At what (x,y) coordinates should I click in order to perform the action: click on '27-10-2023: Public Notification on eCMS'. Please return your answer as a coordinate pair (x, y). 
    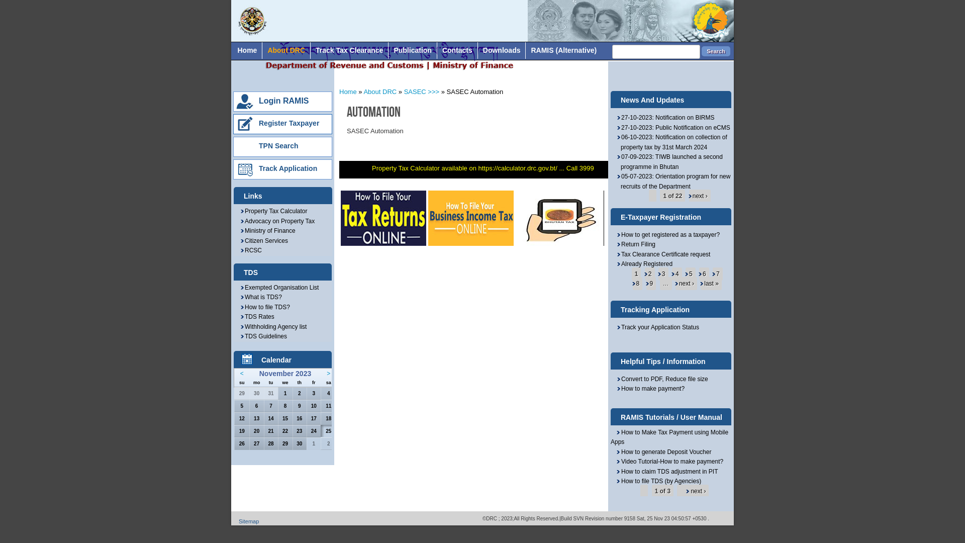
    Looking at the image, I should click on (673, 127).